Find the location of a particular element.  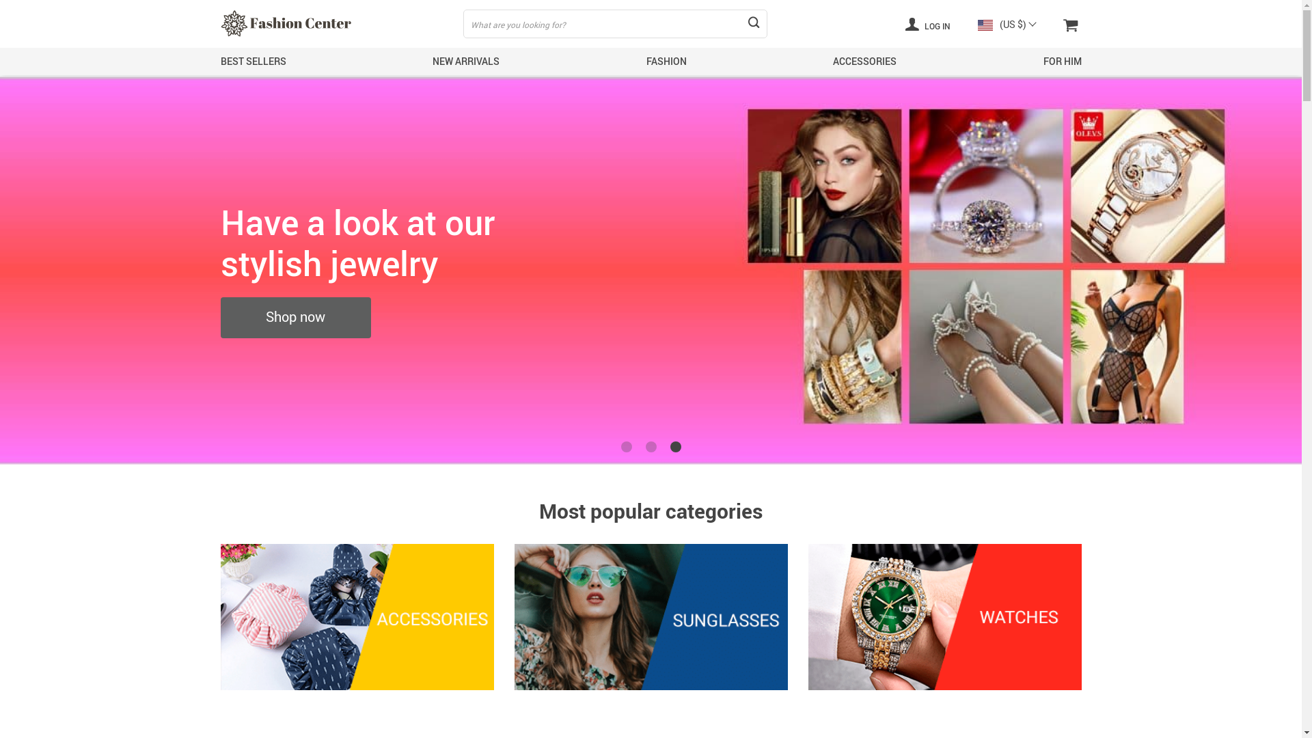

'NEW ARRIVALS' is located at coordinates (465, 60).